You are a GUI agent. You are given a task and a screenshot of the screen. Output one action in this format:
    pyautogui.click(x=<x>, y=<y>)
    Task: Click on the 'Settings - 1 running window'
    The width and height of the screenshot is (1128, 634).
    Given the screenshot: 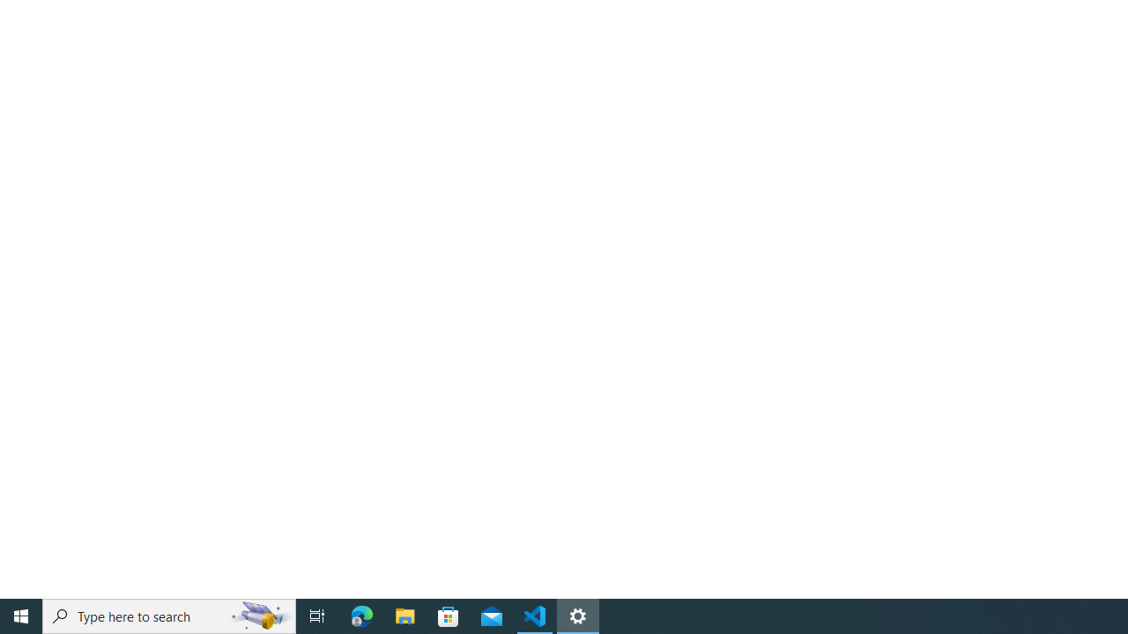 What is the action you would take?
    pyautogui.click(x=578, y=615)
    